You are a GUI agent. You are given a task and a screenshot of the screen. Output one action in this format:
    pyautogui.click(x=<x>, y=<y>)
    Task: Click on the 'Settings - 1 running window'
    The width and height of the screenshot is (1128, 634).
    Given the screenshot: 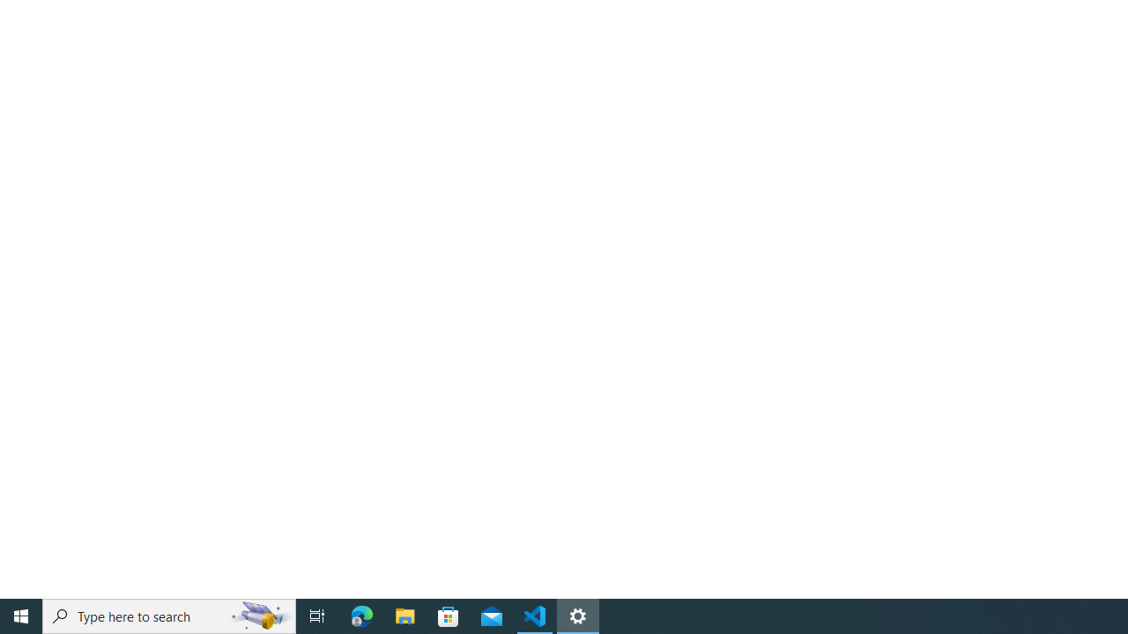 What is the action you would take?
    pyautogui.click(x=578, y=615)
    